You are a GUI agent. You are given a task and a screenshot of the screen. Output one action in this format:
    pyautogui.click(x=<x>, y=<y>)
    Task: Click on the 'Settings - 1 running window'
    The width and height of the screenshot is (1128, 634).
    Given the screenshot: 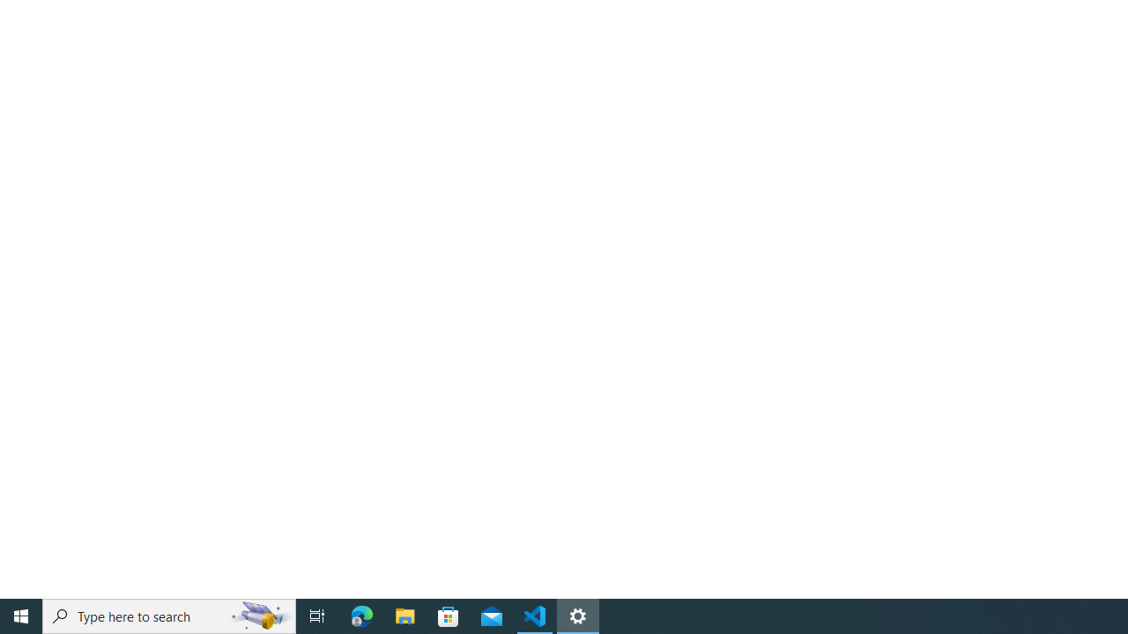 What is the action you would take?
    pyautogui.click(x=578, y=615)
    